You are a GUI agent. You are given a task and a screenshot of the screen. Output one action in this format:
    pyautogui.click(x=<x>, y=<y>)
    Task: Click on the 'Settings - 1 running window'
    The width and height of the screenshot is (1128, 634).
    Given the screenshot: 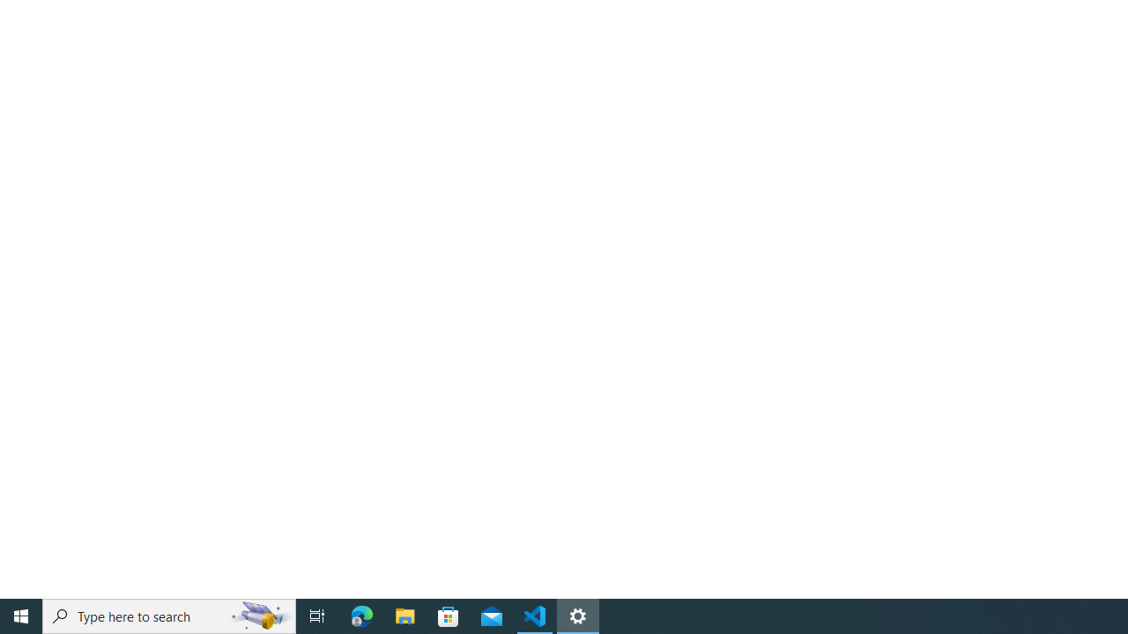 What is the action you would take?
    pyautogui.click(x=578, y=615)
    